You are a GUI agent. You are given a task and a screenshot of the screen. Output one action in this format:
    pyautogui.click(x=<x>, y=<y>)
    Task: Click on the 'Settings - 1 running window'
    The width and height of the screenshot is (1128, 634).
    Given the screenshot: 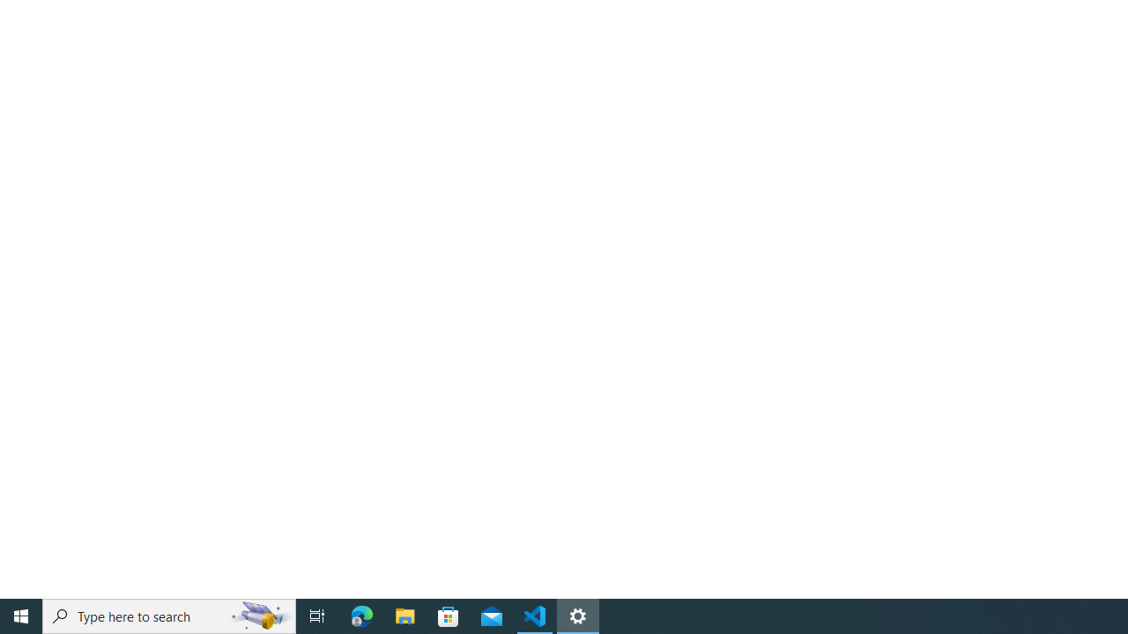 What is the action you would take?
    pyautogui.click(x=578, y=615)
    